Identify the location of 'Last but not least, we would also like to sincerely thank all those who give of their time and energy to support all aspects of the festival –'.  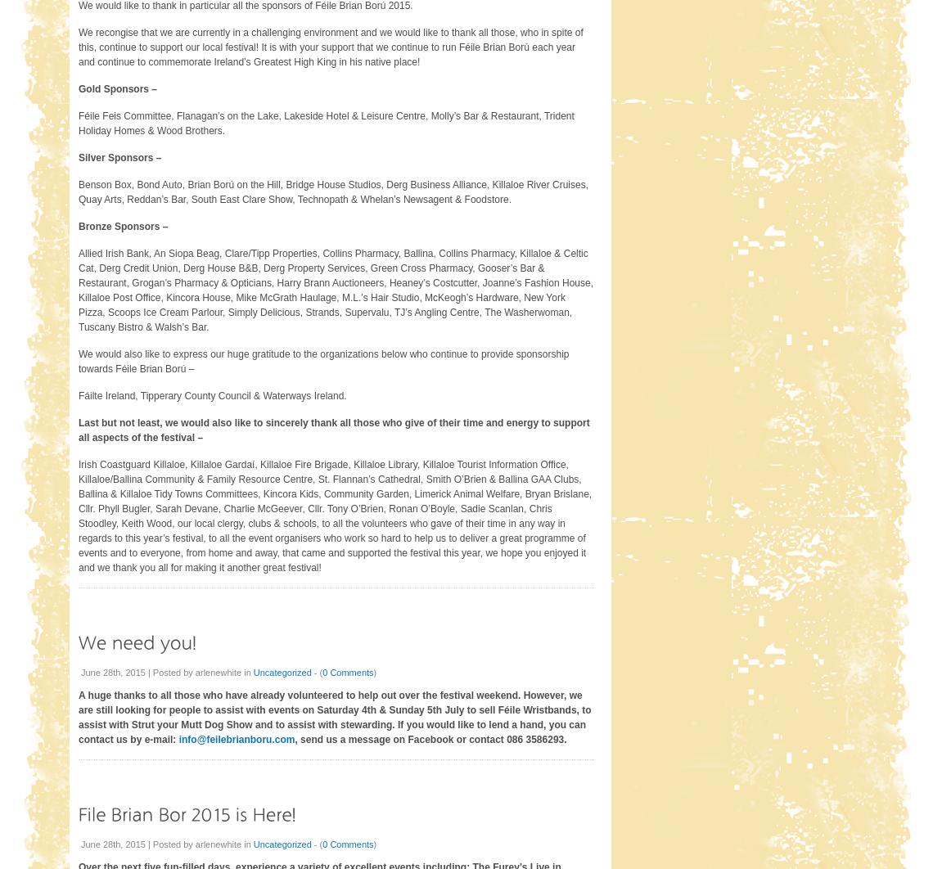
(333, 429).